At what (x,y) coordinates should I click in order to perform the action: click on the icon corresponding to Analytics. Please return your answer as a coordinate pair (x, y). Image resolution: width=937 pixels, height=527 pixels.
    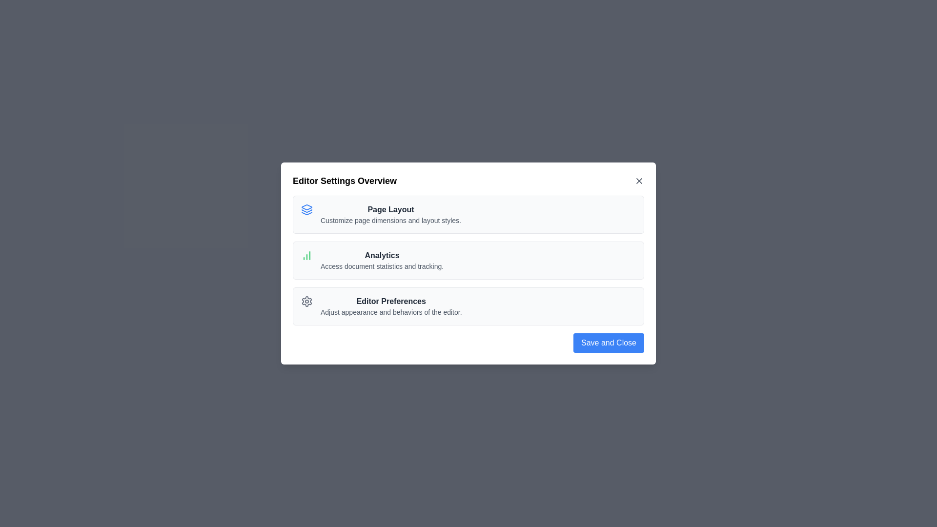
    Looking at the image, I should click on (306, 255).